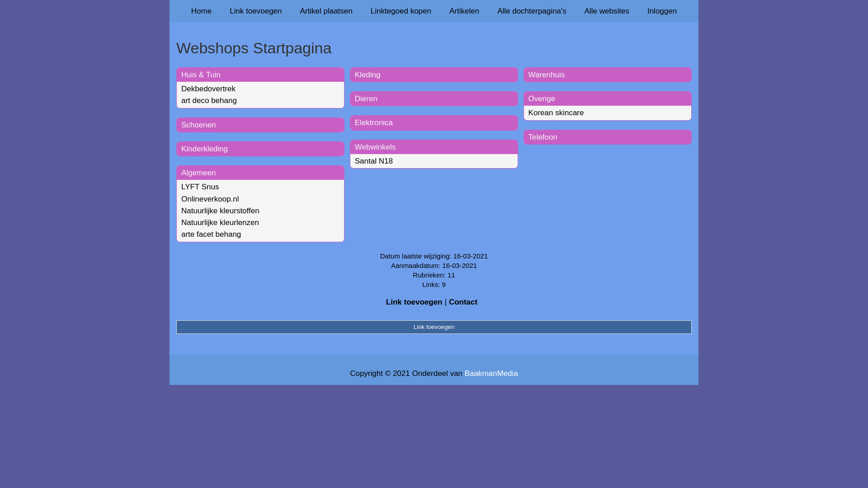 Image resolution: width=868 pixels, height=488 pixels. Describe the element at coordinates (464, 11) in the screenshot. I see `'Artikelen'` at that location.